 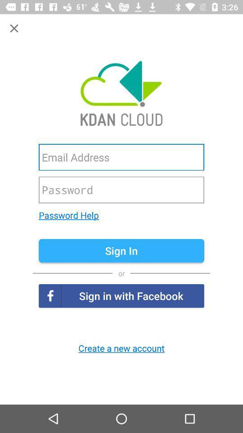 What do you see at coordinates (13, 28) in the screenshot?
I see `button` at bounding box center [13, 28].